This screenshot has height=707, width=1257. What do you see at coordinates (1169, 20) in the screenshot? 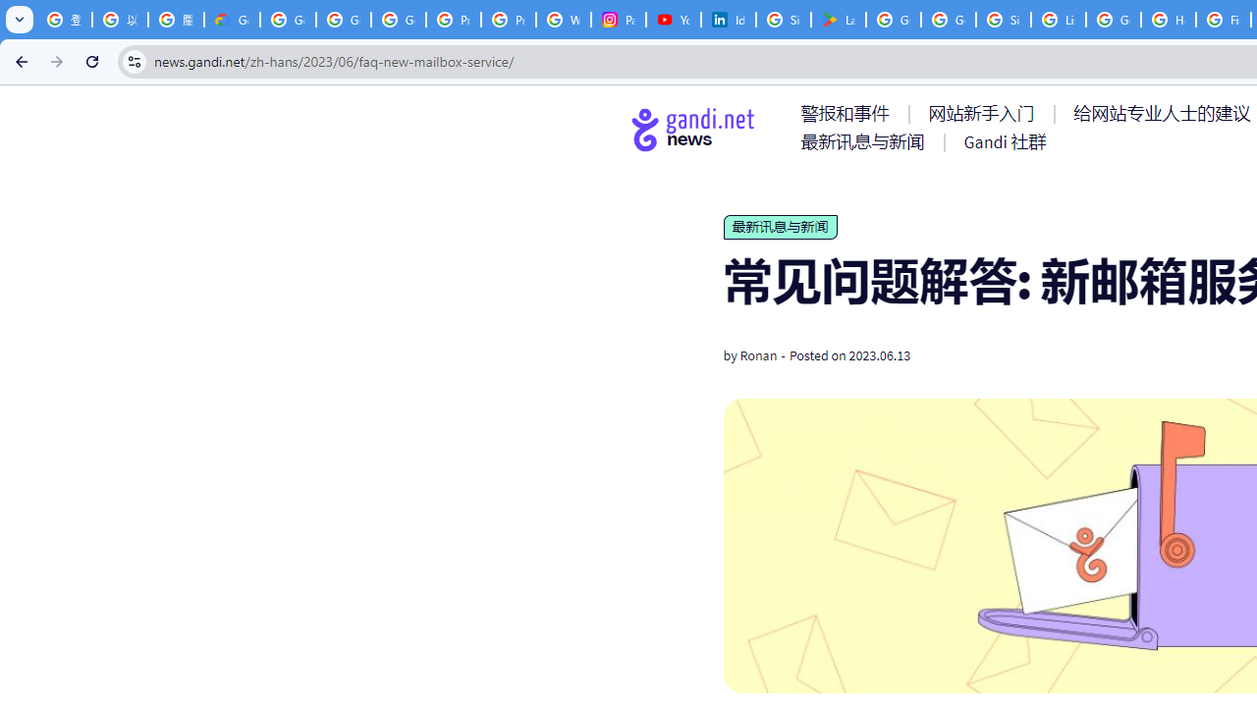
I see `'How do I create a new Google Account? - Google Account Help'` at bounding box center [1169, 20].